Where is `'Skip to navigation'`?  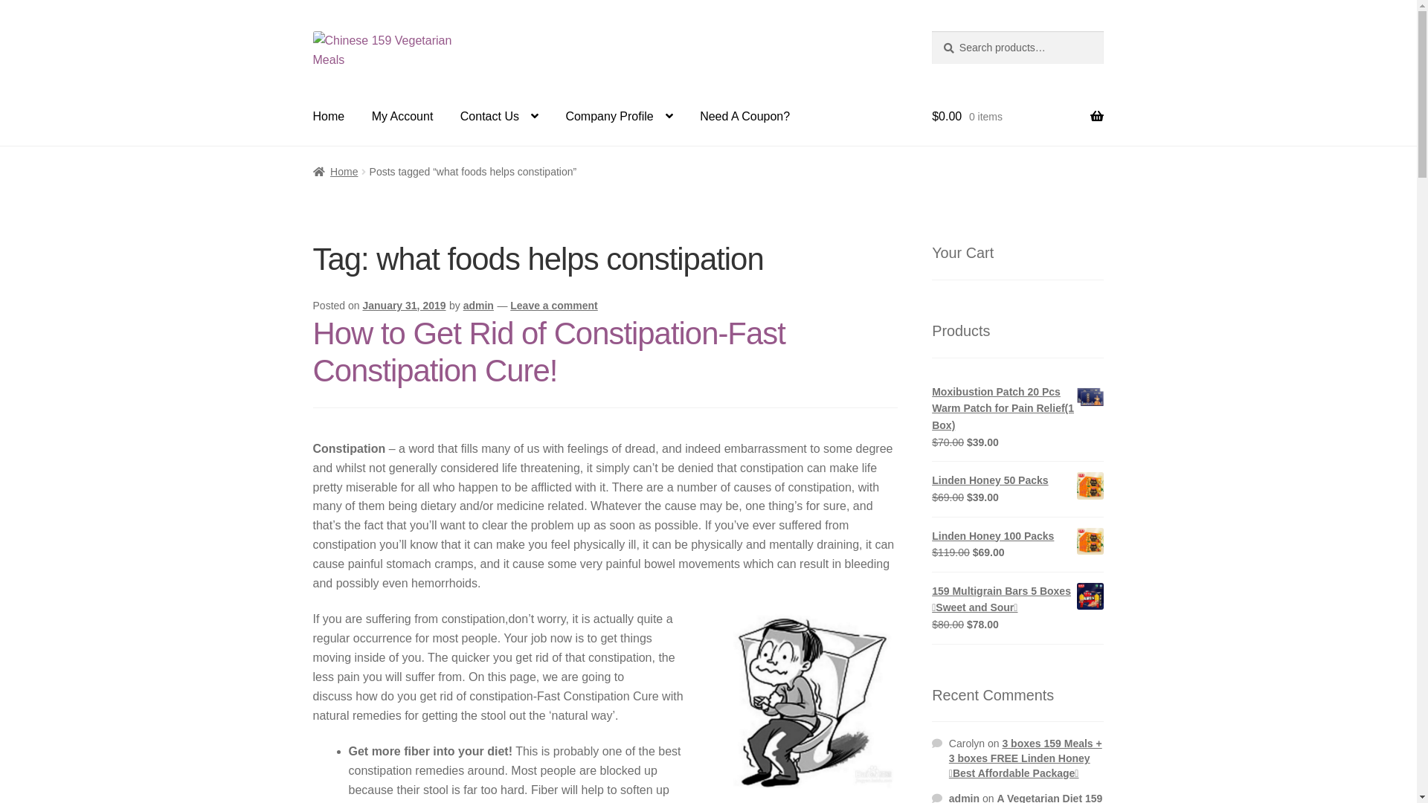 'Skip to navigation' is located at coordinates (312, 30).